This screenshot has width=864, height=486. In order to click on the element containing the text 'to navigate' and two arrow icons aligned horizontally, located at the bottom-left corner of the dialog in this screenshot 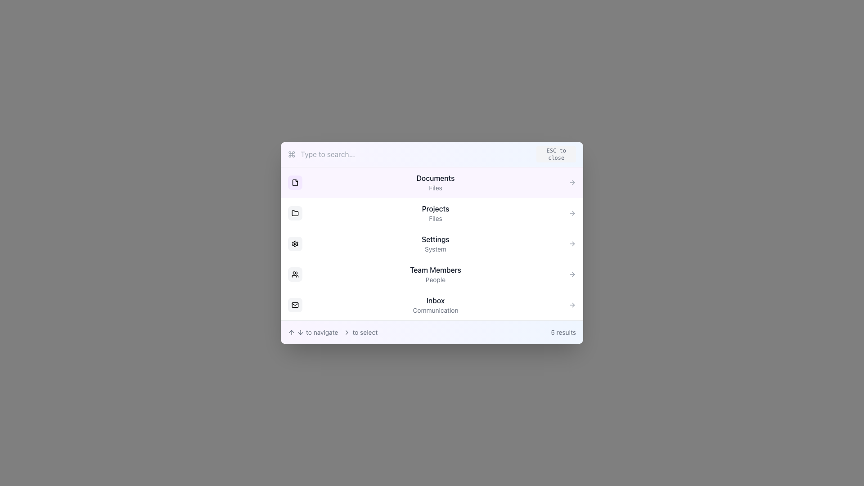, I will do `click(313, 333)`.